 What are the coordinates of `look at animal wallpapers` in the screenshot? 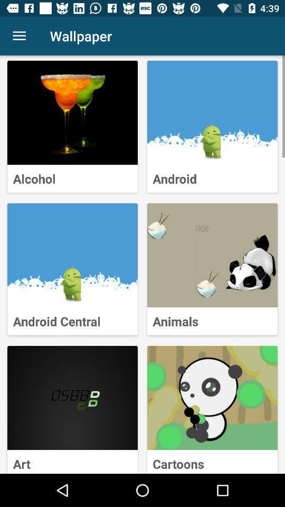 It's located at (212, 255).